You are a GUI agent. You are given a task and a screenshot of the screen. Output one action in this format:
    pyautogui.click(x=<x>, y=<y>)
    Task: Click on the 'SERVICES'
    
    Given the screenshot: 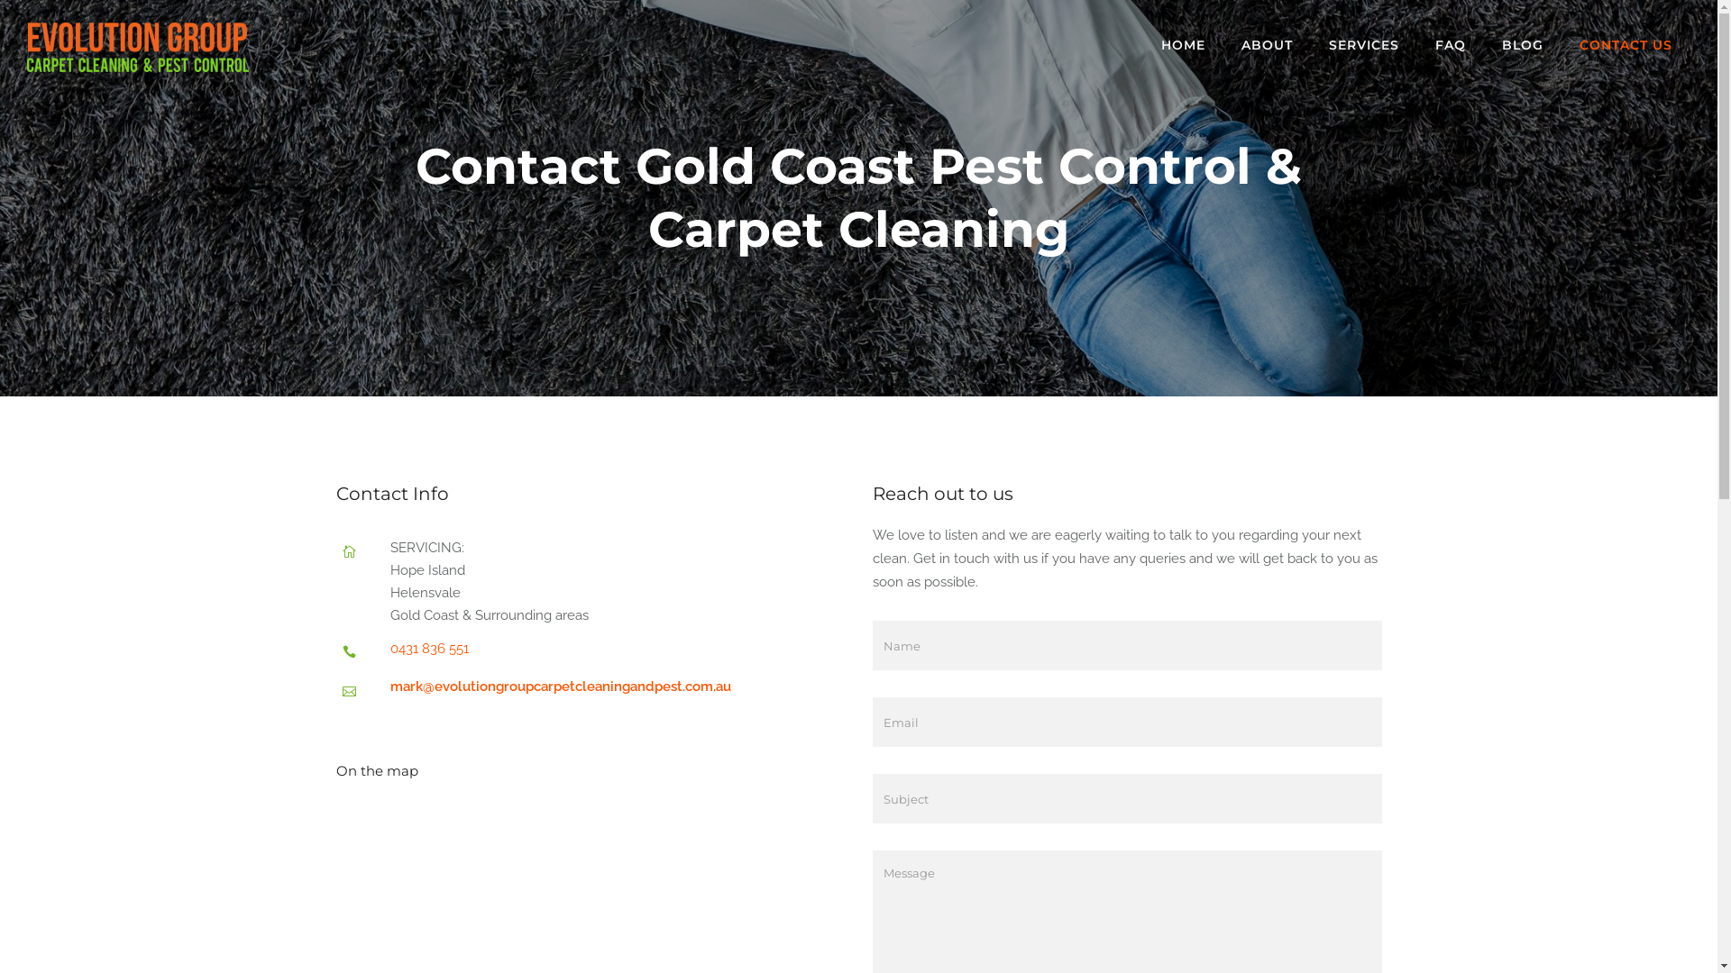 What is the action you would take?
    pyautogui.click(x=1311, y=44)
    